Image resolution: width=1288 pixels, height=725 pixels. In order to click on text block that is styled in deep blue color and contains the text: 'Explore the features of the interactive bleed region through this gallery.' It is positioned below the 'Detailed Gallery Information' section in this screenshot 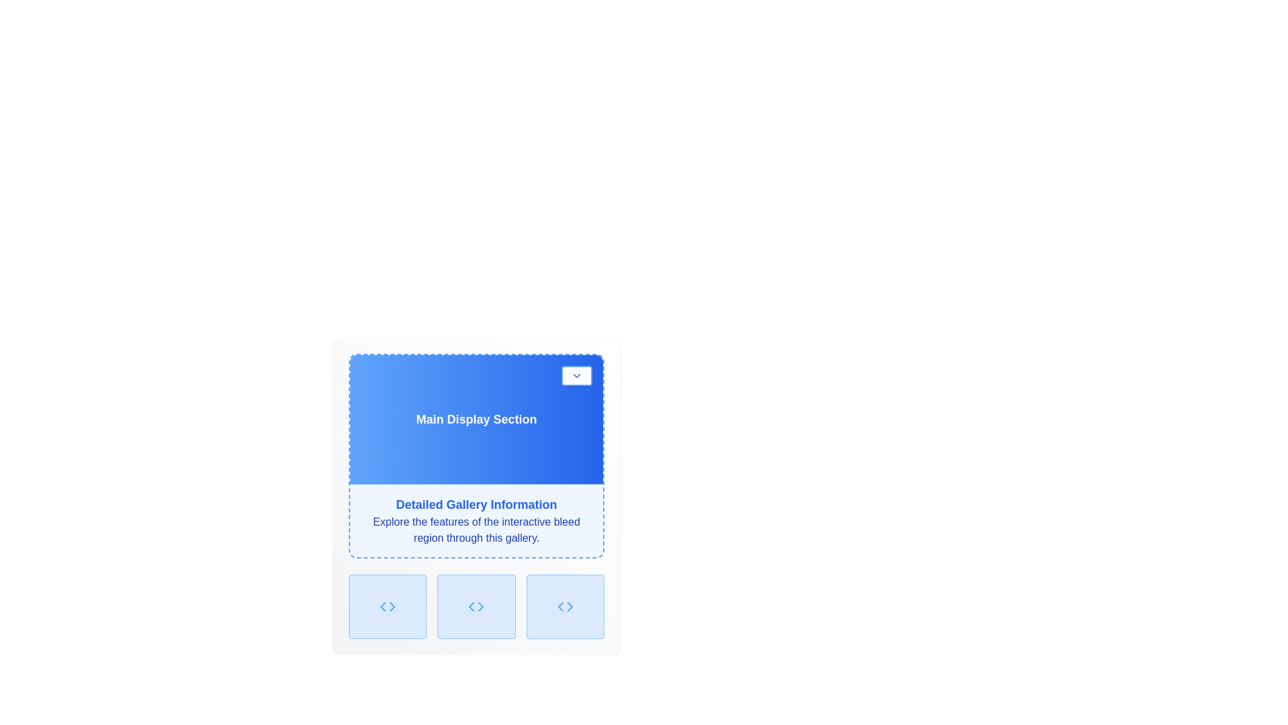, I will do `click(476, 530)`.